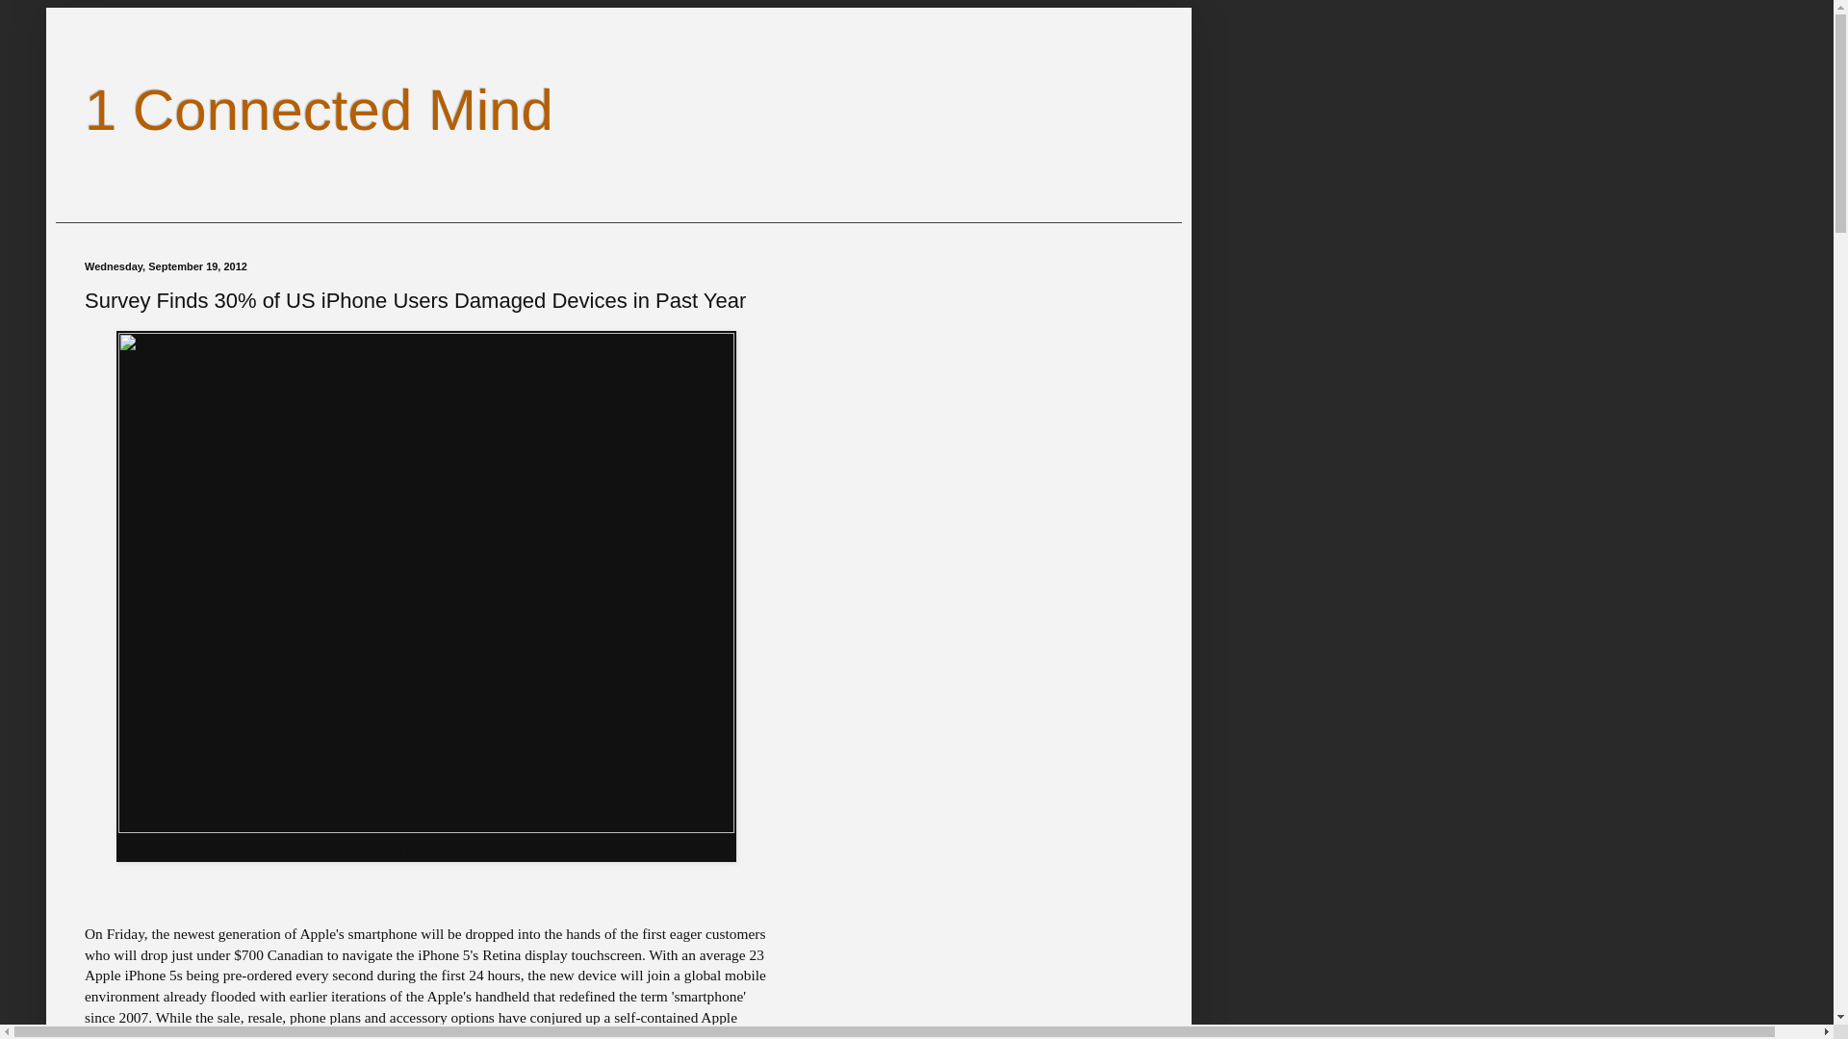 This screenshot has width=1848, height=1039. I want to click on '1 Connected Mind', so click(319, 110).